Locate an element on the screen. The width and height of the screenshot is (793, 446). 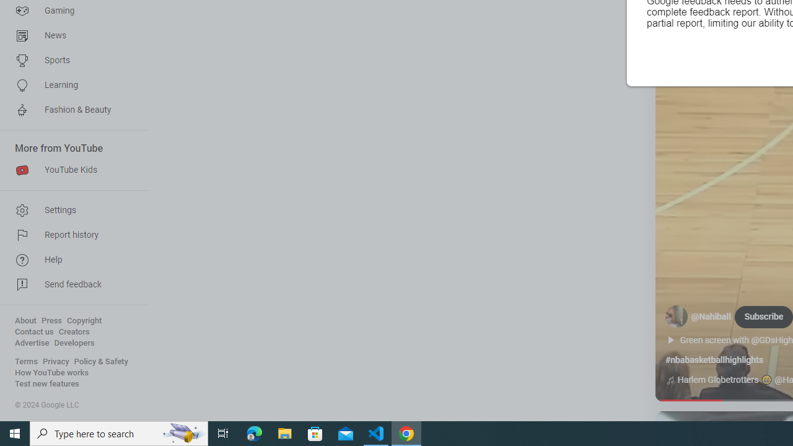
'Press' is located at coordinates (51, 320).